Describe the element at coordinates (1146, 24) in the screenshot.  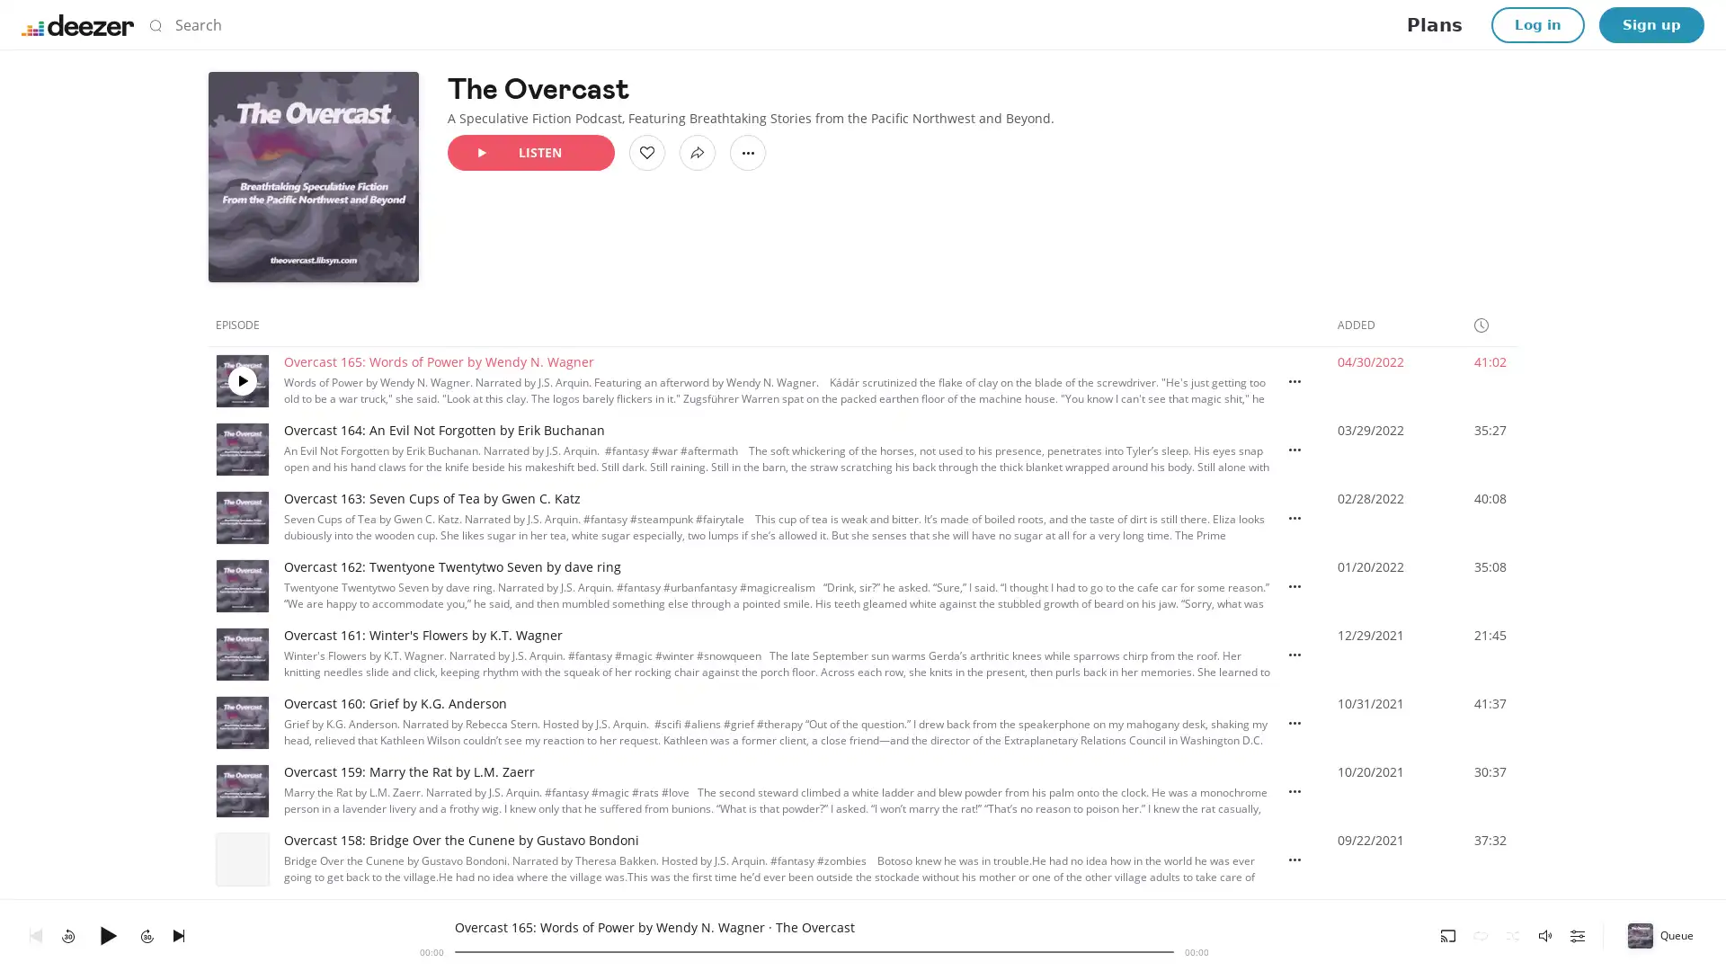
I see `Clear` at that location.